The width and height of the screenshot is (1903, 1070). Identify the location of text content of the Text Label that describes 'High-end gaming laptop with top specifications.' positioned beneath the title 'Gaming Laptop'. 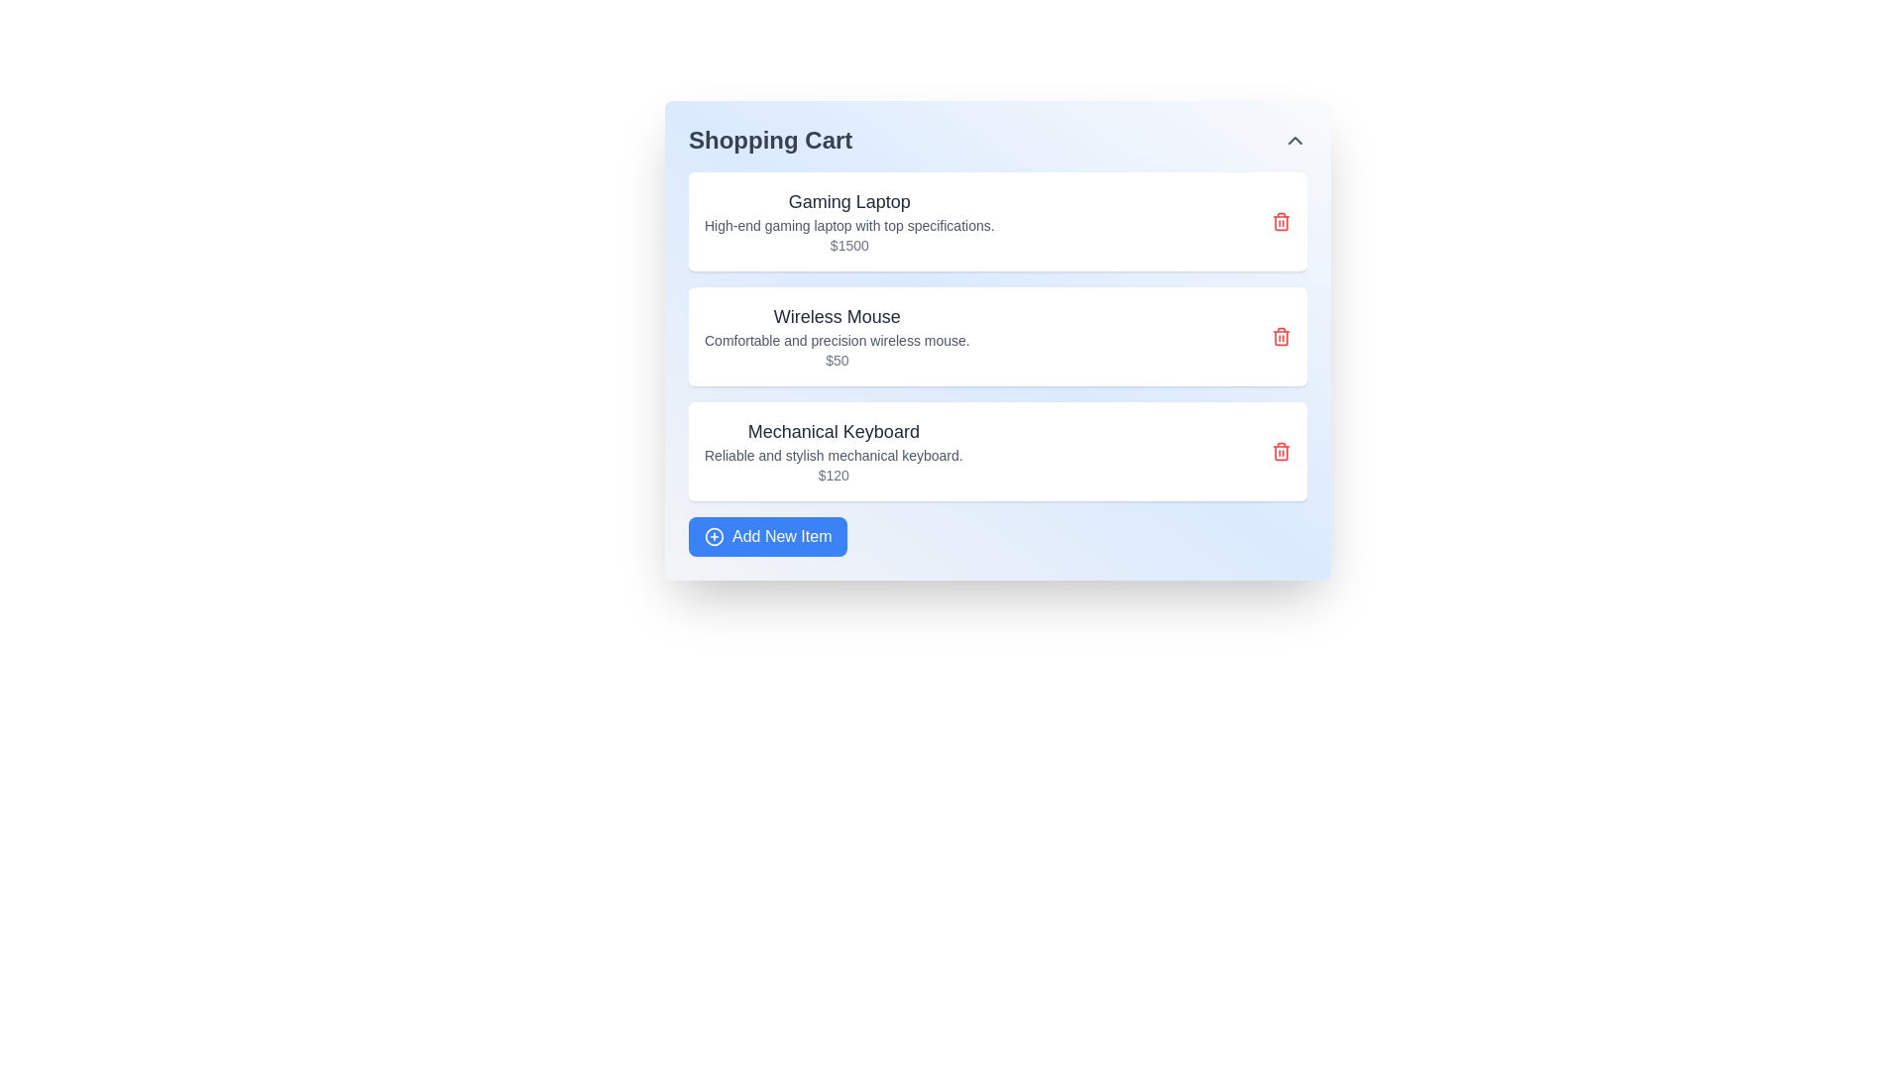
(849, 224).